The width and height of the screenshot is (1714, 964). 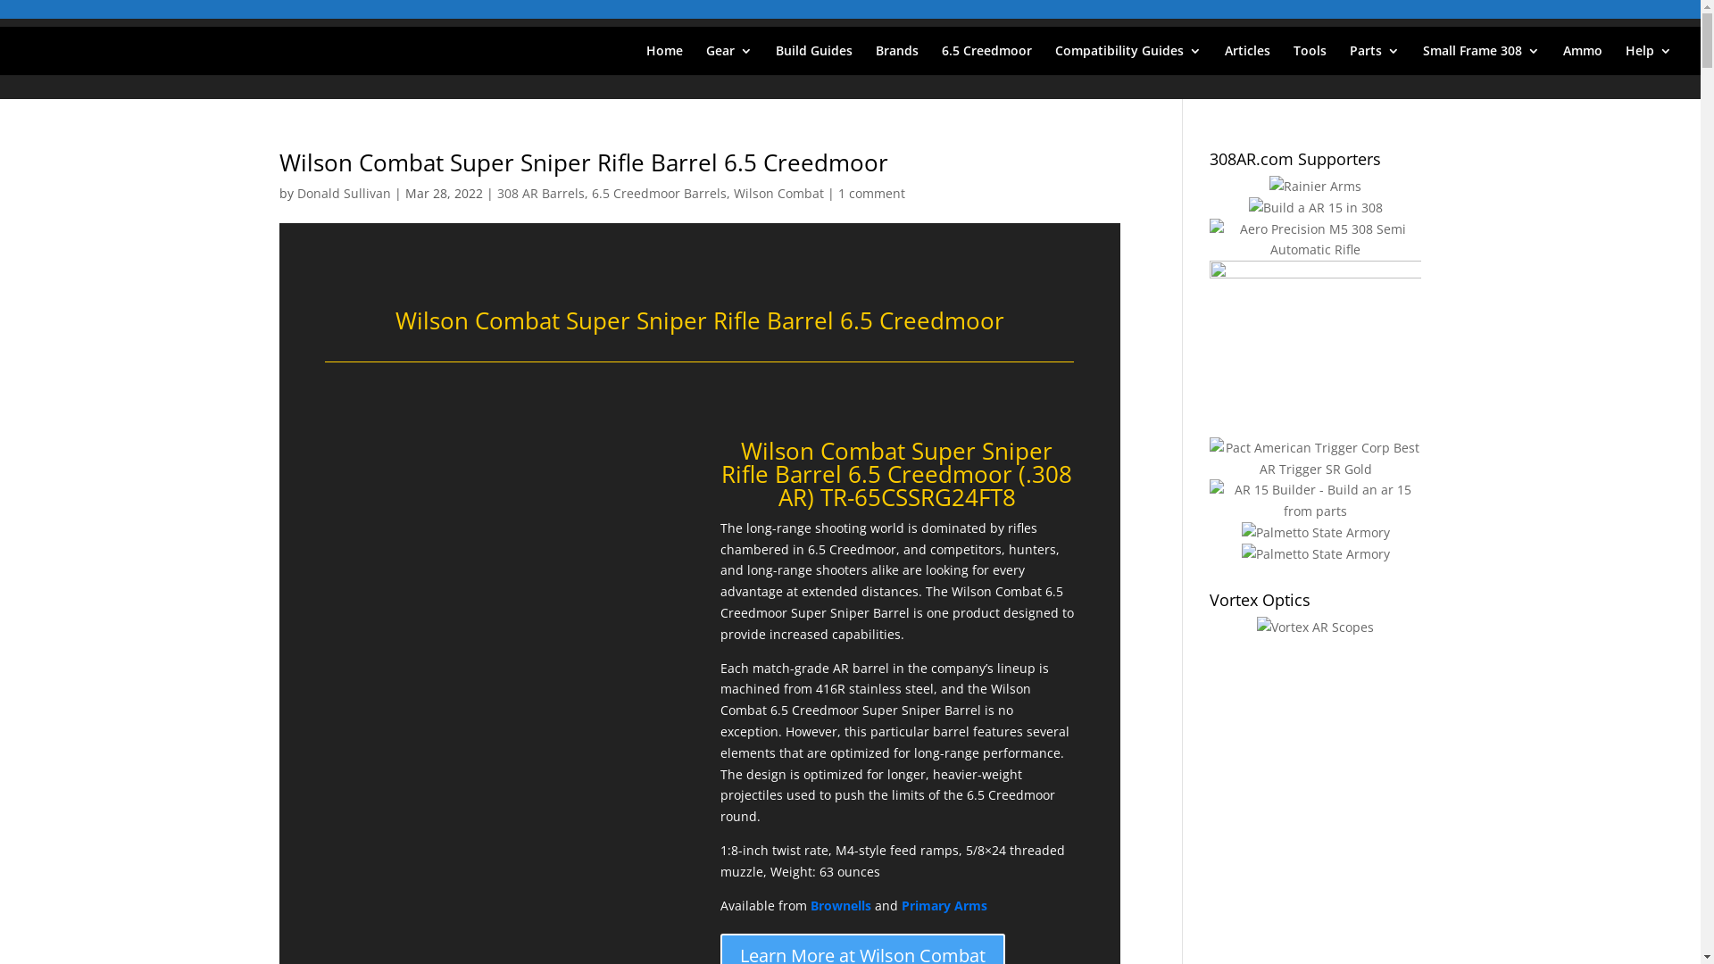 I want to click on 'Aero Precision M5 308 Semi Automatic Rifle', so click(x=1315, y=239).